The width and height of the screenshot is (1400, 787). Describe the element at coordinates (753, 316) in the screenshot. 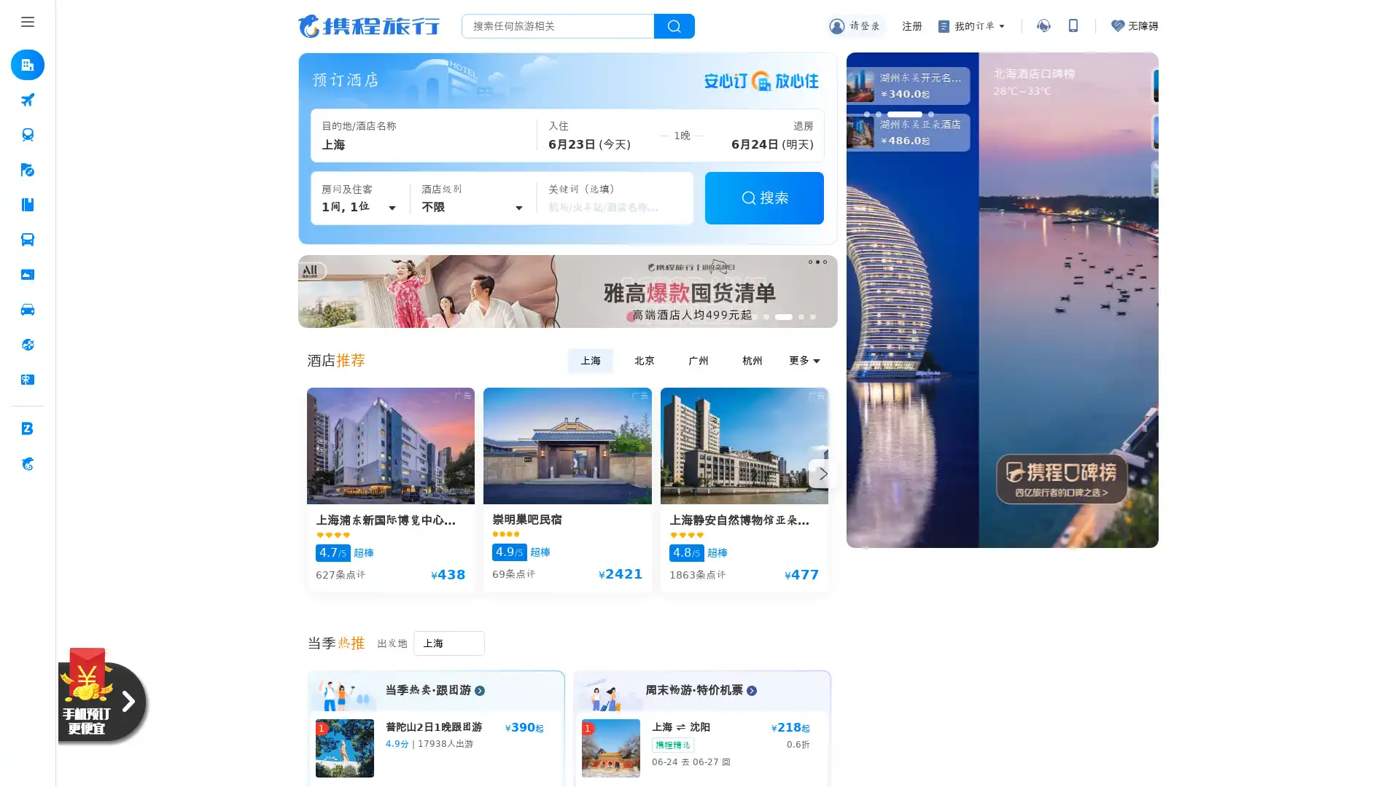

I see `Go to slide 1` at that location.